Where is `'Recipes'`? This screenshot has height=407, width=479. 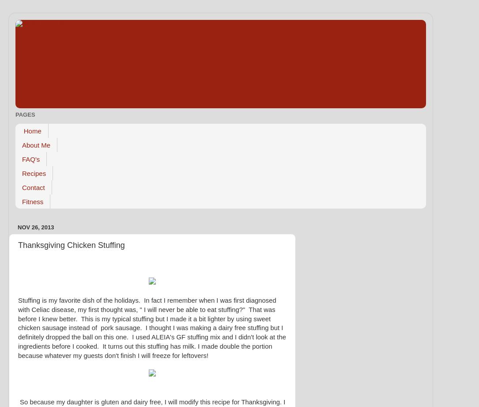 'Recipes' is located at coordinates (34, 173).